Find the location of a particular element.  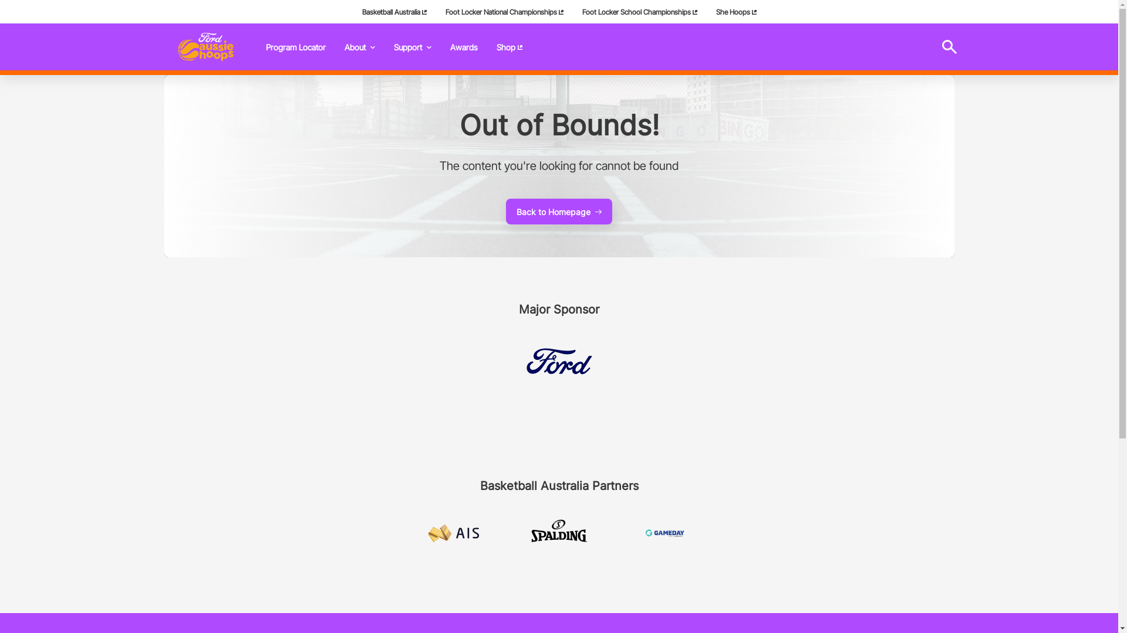

'Awards' is located at coordinates (439, 46).